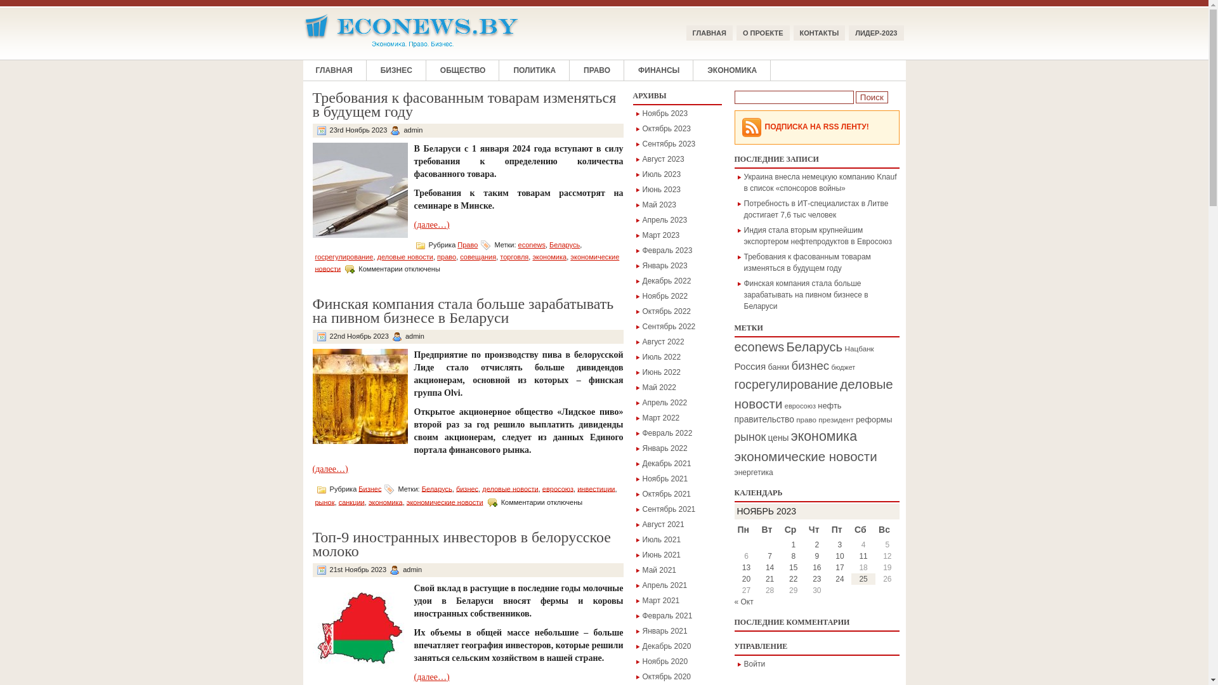 This screenshot has height=685, width=1218. What do you see at coordinates (839, 566) in the screenshot?
I see `'17'` at bounding box center [839, 566].